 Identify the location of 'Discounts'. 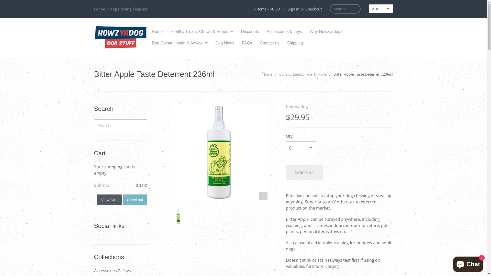
(237, 31).